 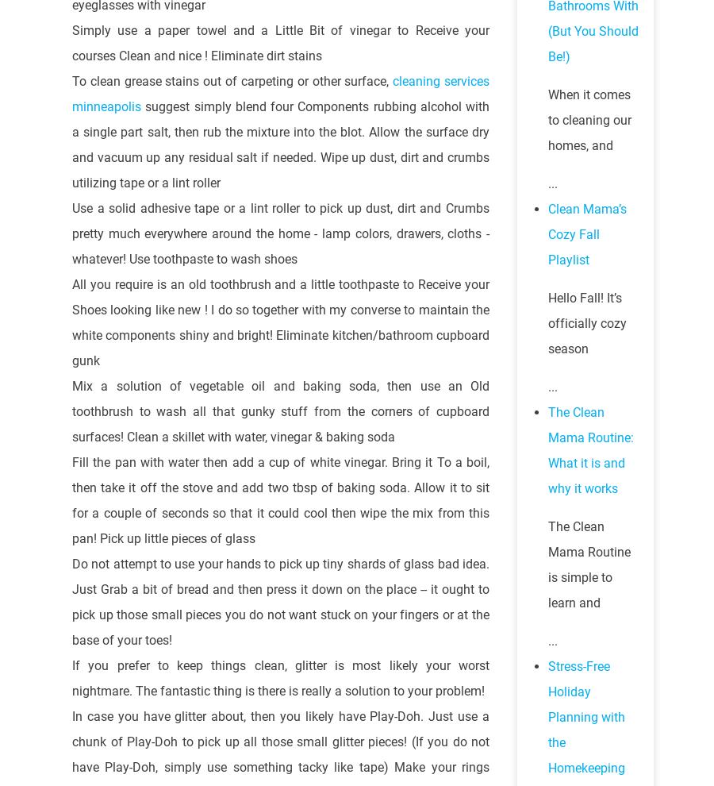 What do you see at coordinates (280, 499) in the screenshot?
I see `'Fill the pan with water then add a cup of white vinegar. Bring it To a boil, then take it off the stove and add two tbsp of baking soda. Allow it to sit for a couple of seconds so that it could cool then wipe the mix from this pan! Pick up little pieces of glass'` at bounding box center [280, 499].